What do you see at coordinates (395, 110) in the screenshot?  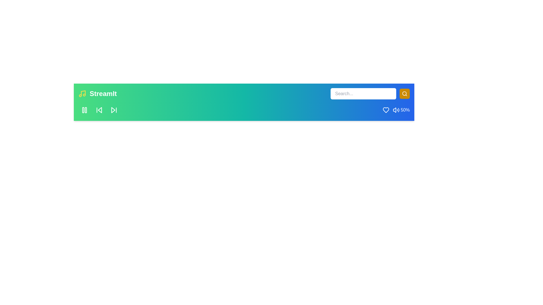 I see `the volume to 38% by interacting with the volume control` at bounding box center [395, 110].